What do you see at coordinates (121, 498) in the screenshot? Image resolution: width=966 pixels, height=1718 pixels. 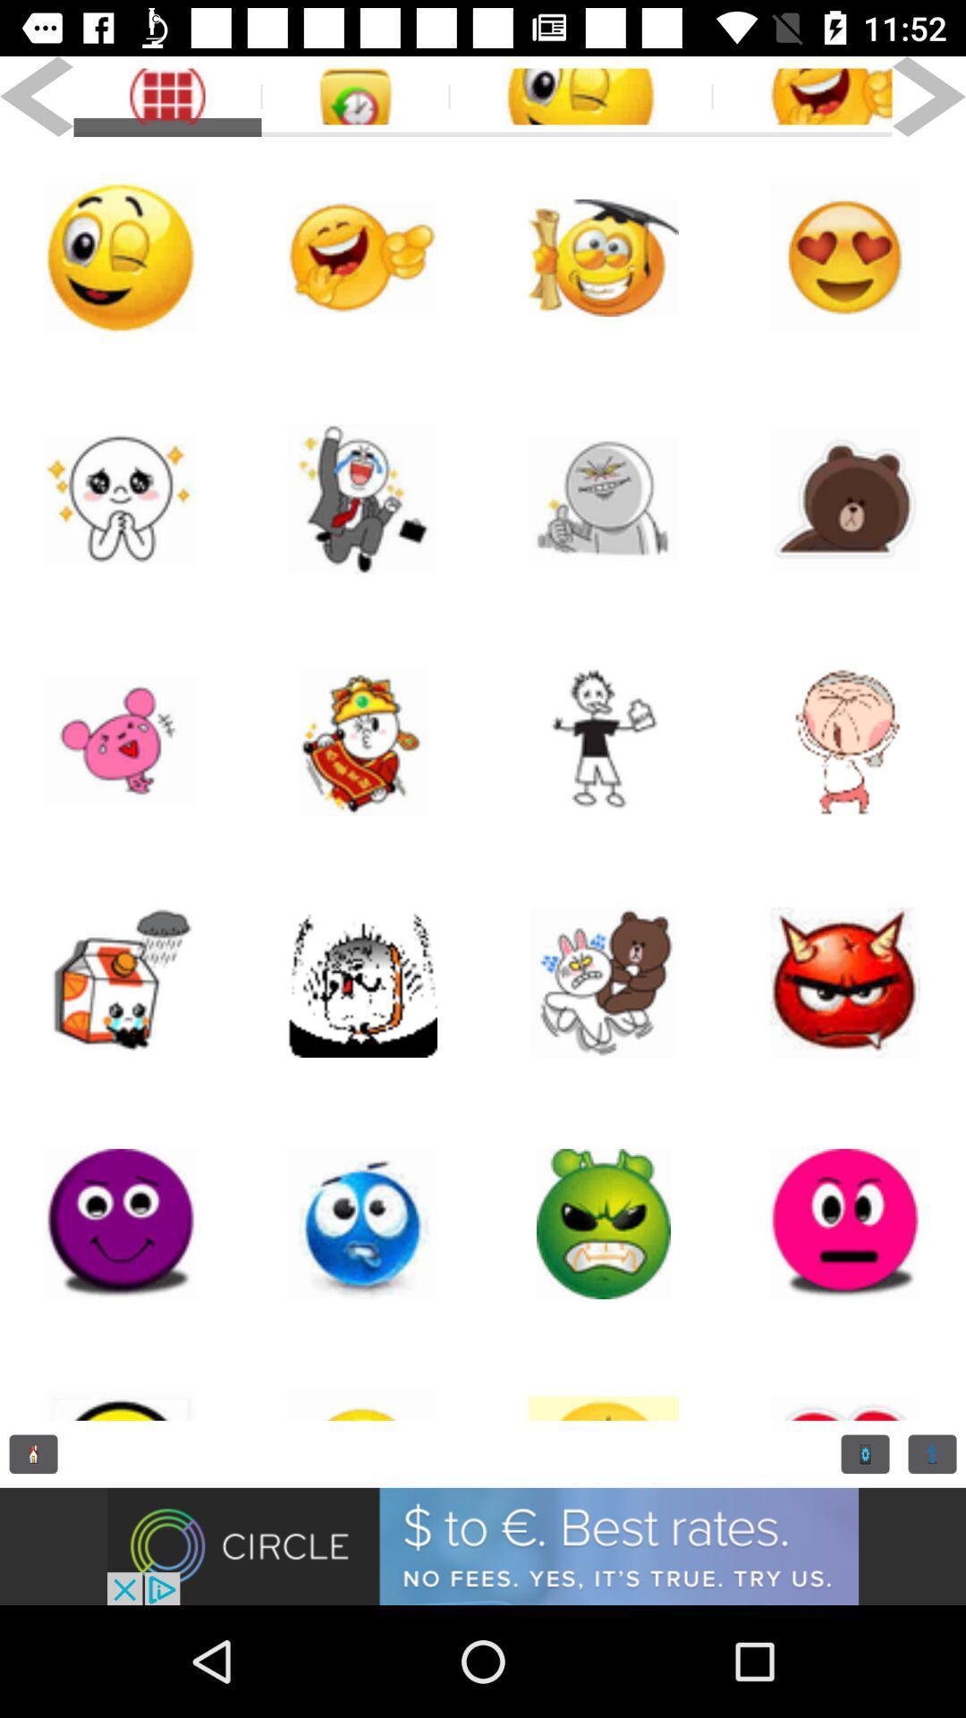 I see `emoji` at bounding box center [121, 498].